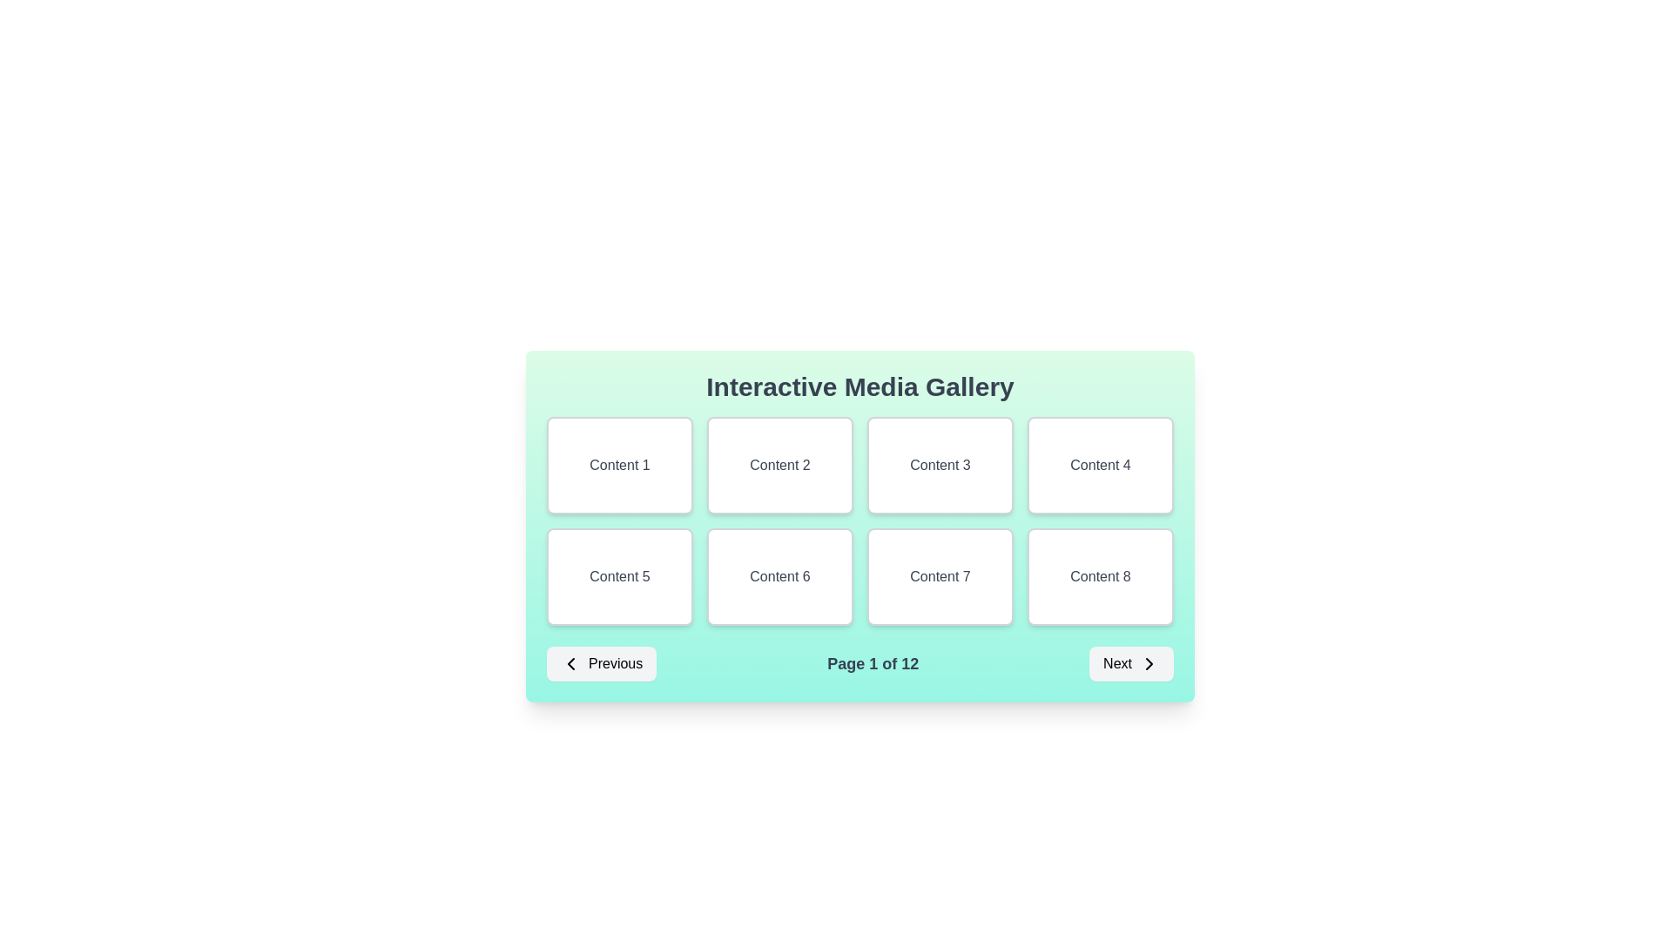  What do you see at coordinates (1099, 577) in the screenshot?
I see `the static content box element labeled 'Content 8', which is a rectangular white box with gray text, positioned in the second row and fourth column of a 2-row grid layout` at bounding box center [1099, 577].